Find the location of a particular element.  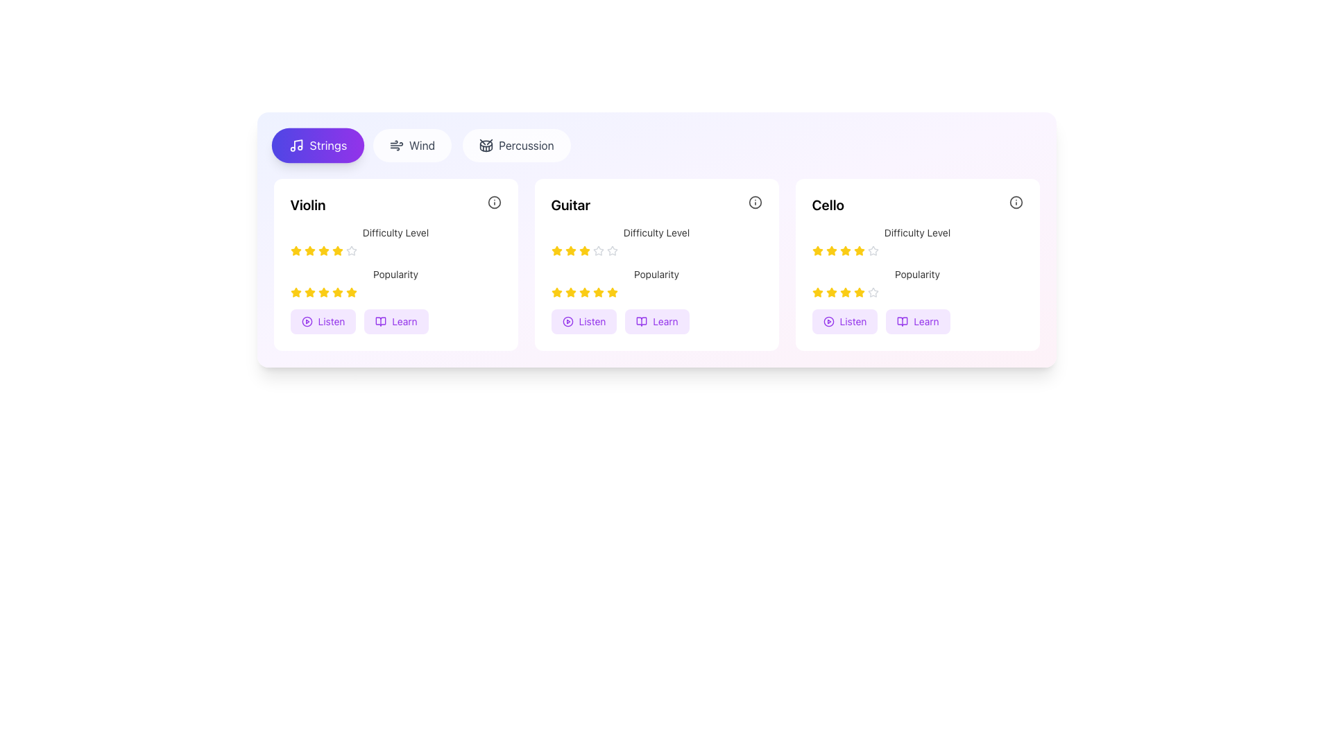

the 'Guitar' label which is a bold black text with an adjacent informational icon on the right is located at coordinates (656, 205).